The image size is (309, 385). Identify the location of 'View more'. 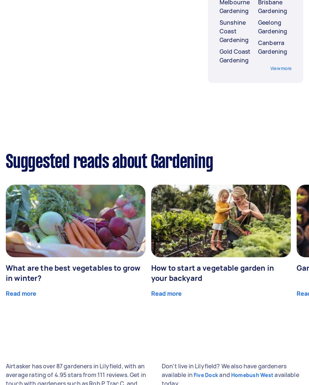
(280, 67).